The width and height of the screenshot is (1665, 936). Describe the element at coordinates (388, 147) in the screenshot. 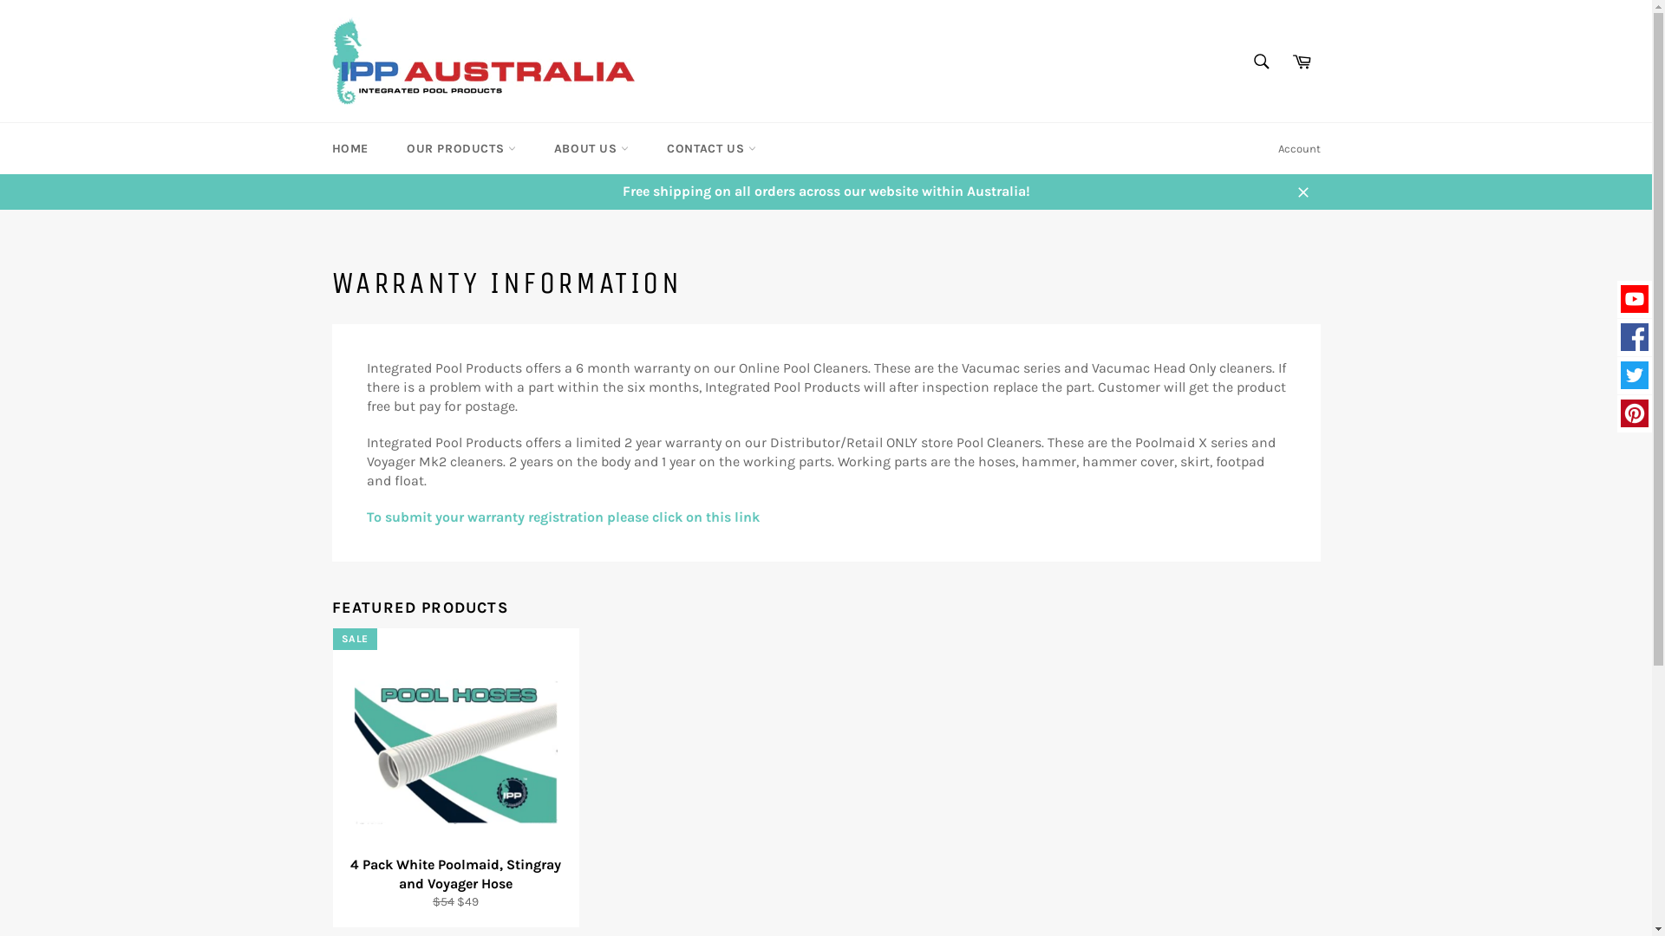

I see `'OUR PRODUCTS'` at that location.